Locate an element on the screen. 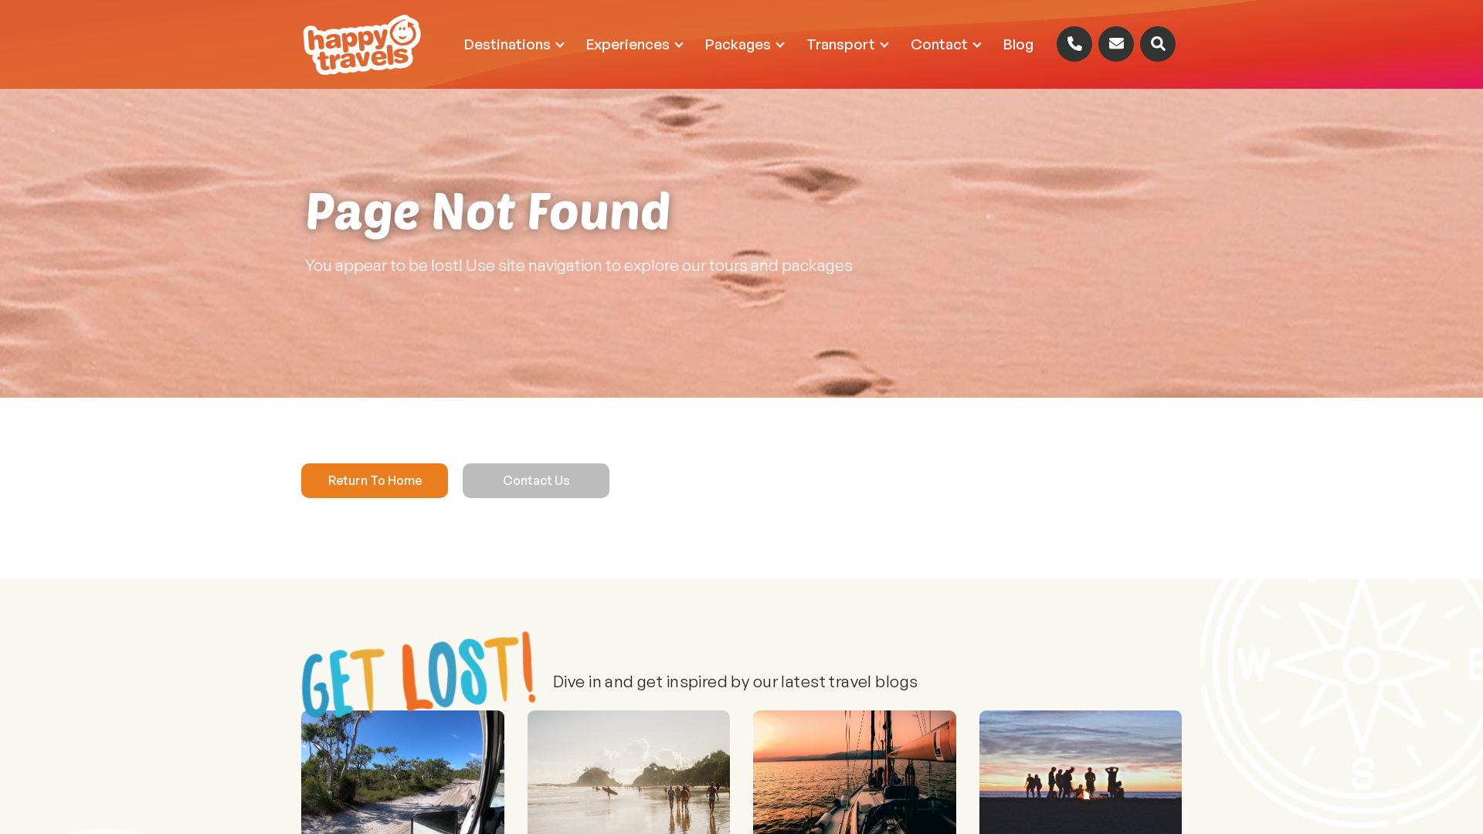 The height and width of the screenshot is (834, 1483). 'Return To Home' is located at coordinates (300, 480).